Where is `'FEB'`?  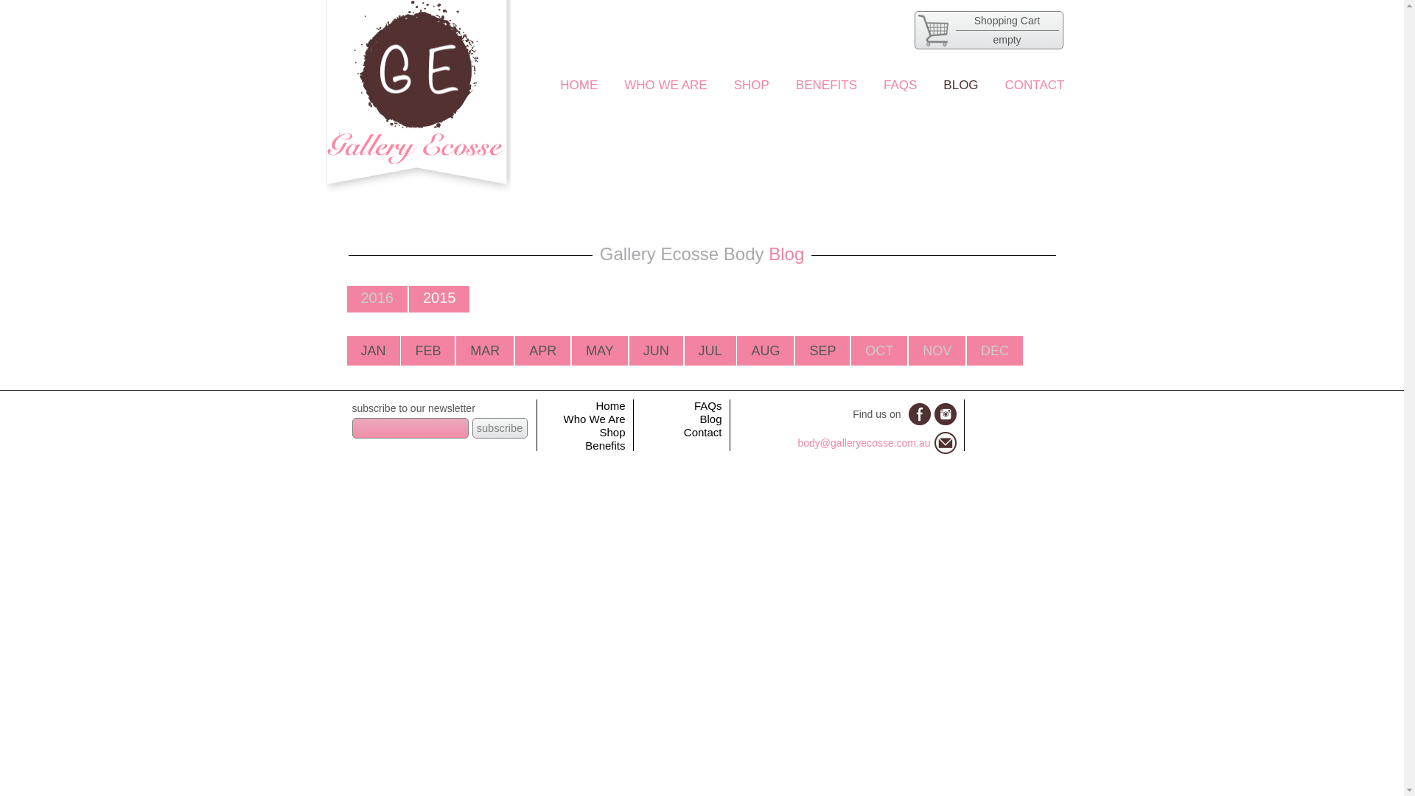
'FEB' is located at coordinates (427, 350).